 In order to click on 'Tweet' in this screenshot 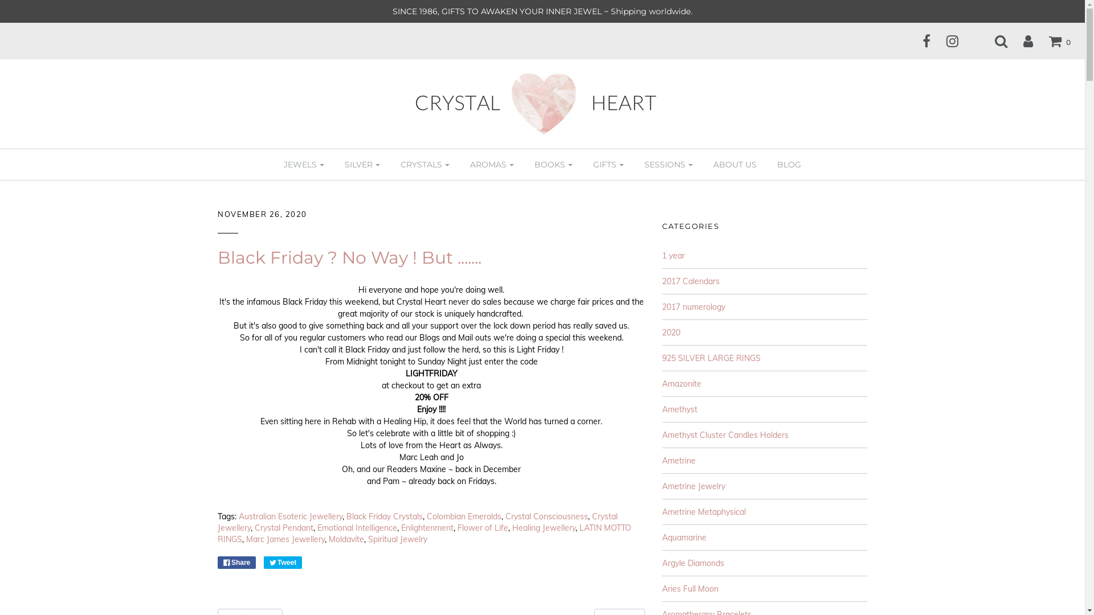, I will do `click(263, 561)`.